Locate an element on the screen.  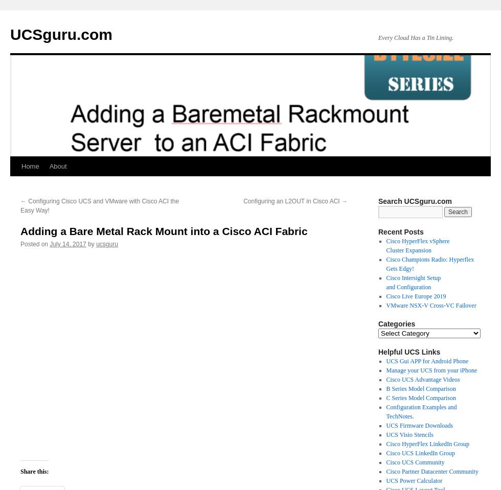
'Share this:' is located at coordinates (34, 472).